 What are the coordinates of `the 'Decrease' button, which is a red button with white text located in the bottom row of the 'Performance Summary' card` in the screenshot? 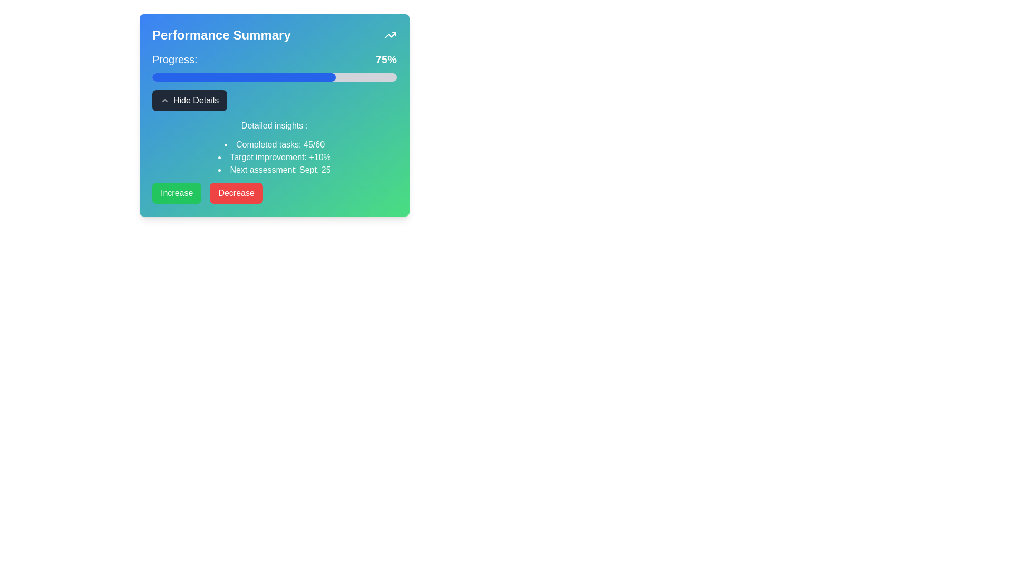 It's located at (236, 193).